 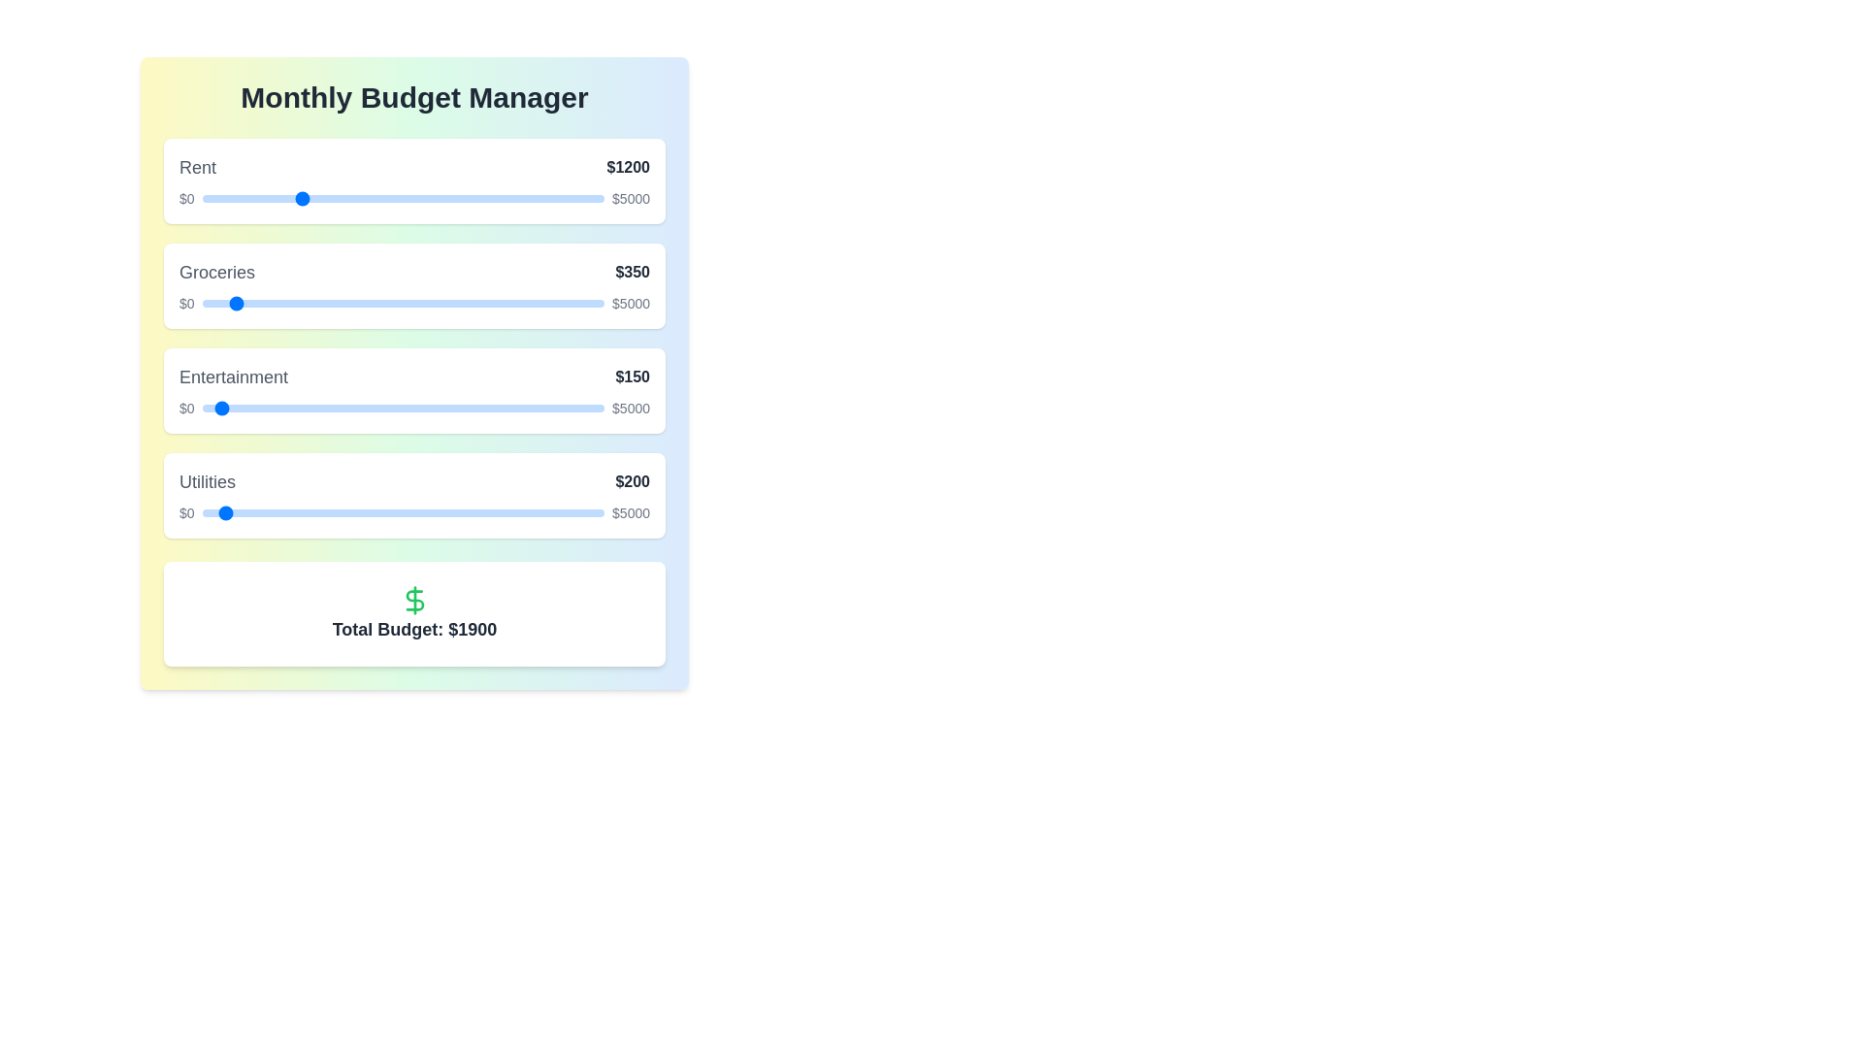 I want to click on rent budget, so click(x=509, y=198).